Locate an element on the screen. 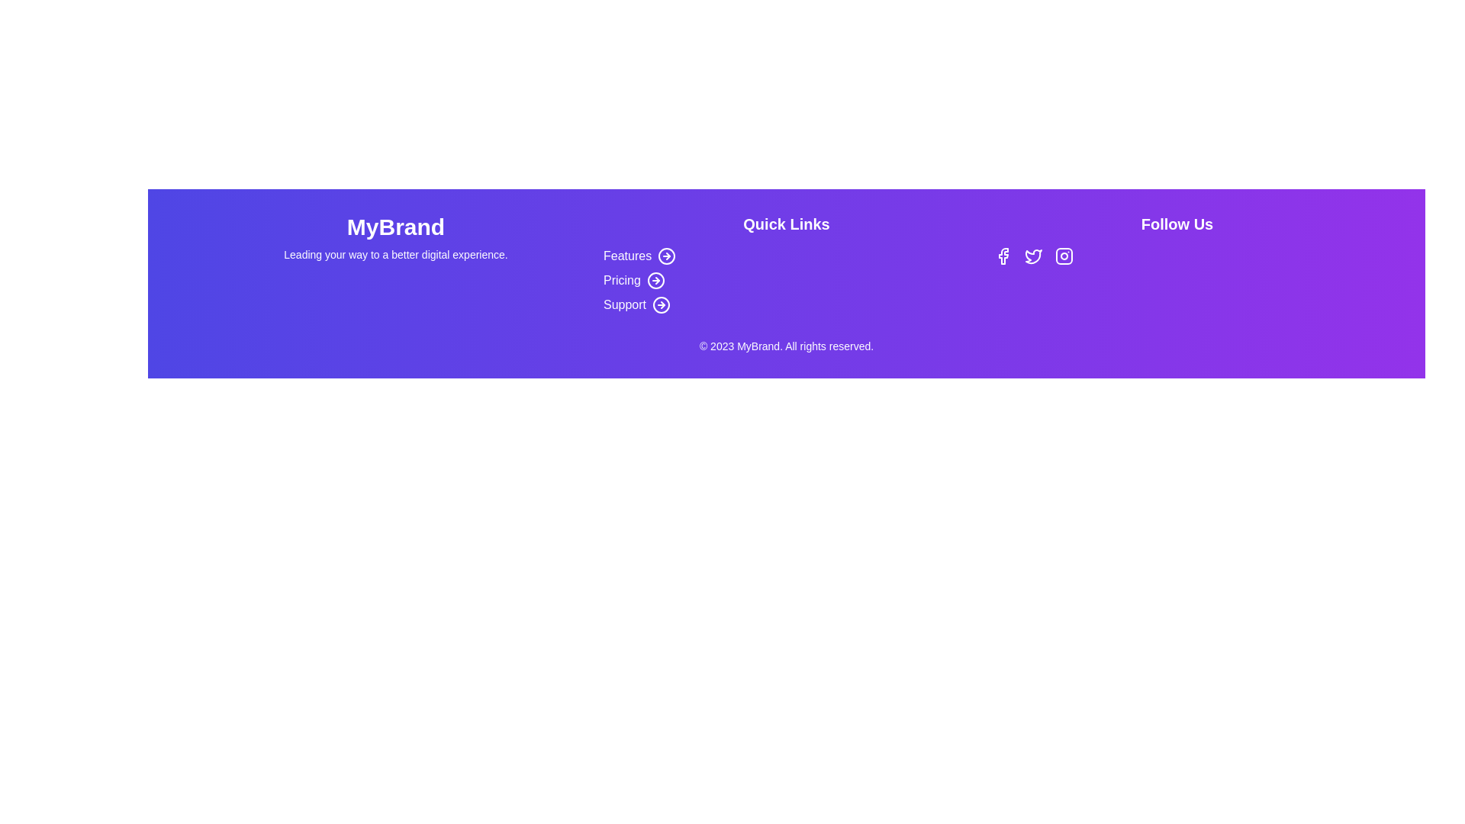 This screenshot has width=1465, height=824. the central rounded square within the last icon to the right in the 'Follow Us' section, which represents a camera or lens is located at coordinates (1064, 255).